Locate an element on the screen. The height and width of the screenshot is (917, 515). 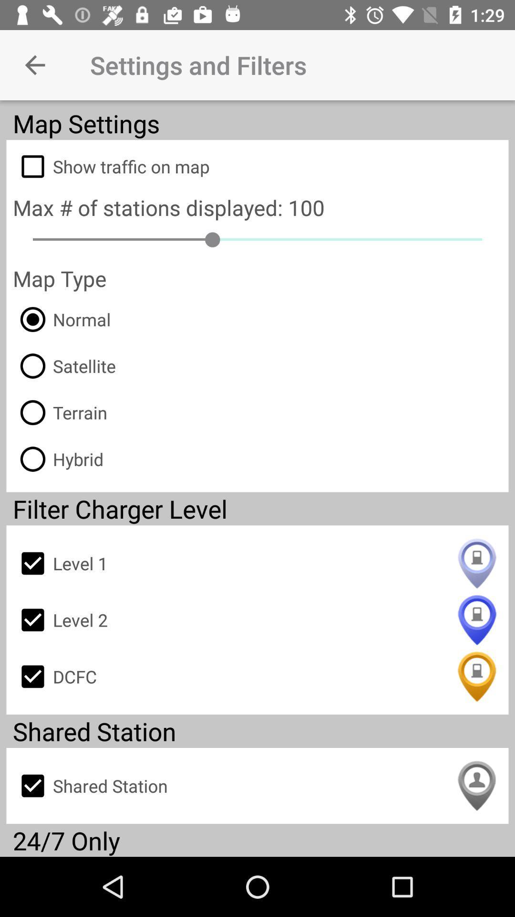
the terrain item is located at coordinates (60, 413).